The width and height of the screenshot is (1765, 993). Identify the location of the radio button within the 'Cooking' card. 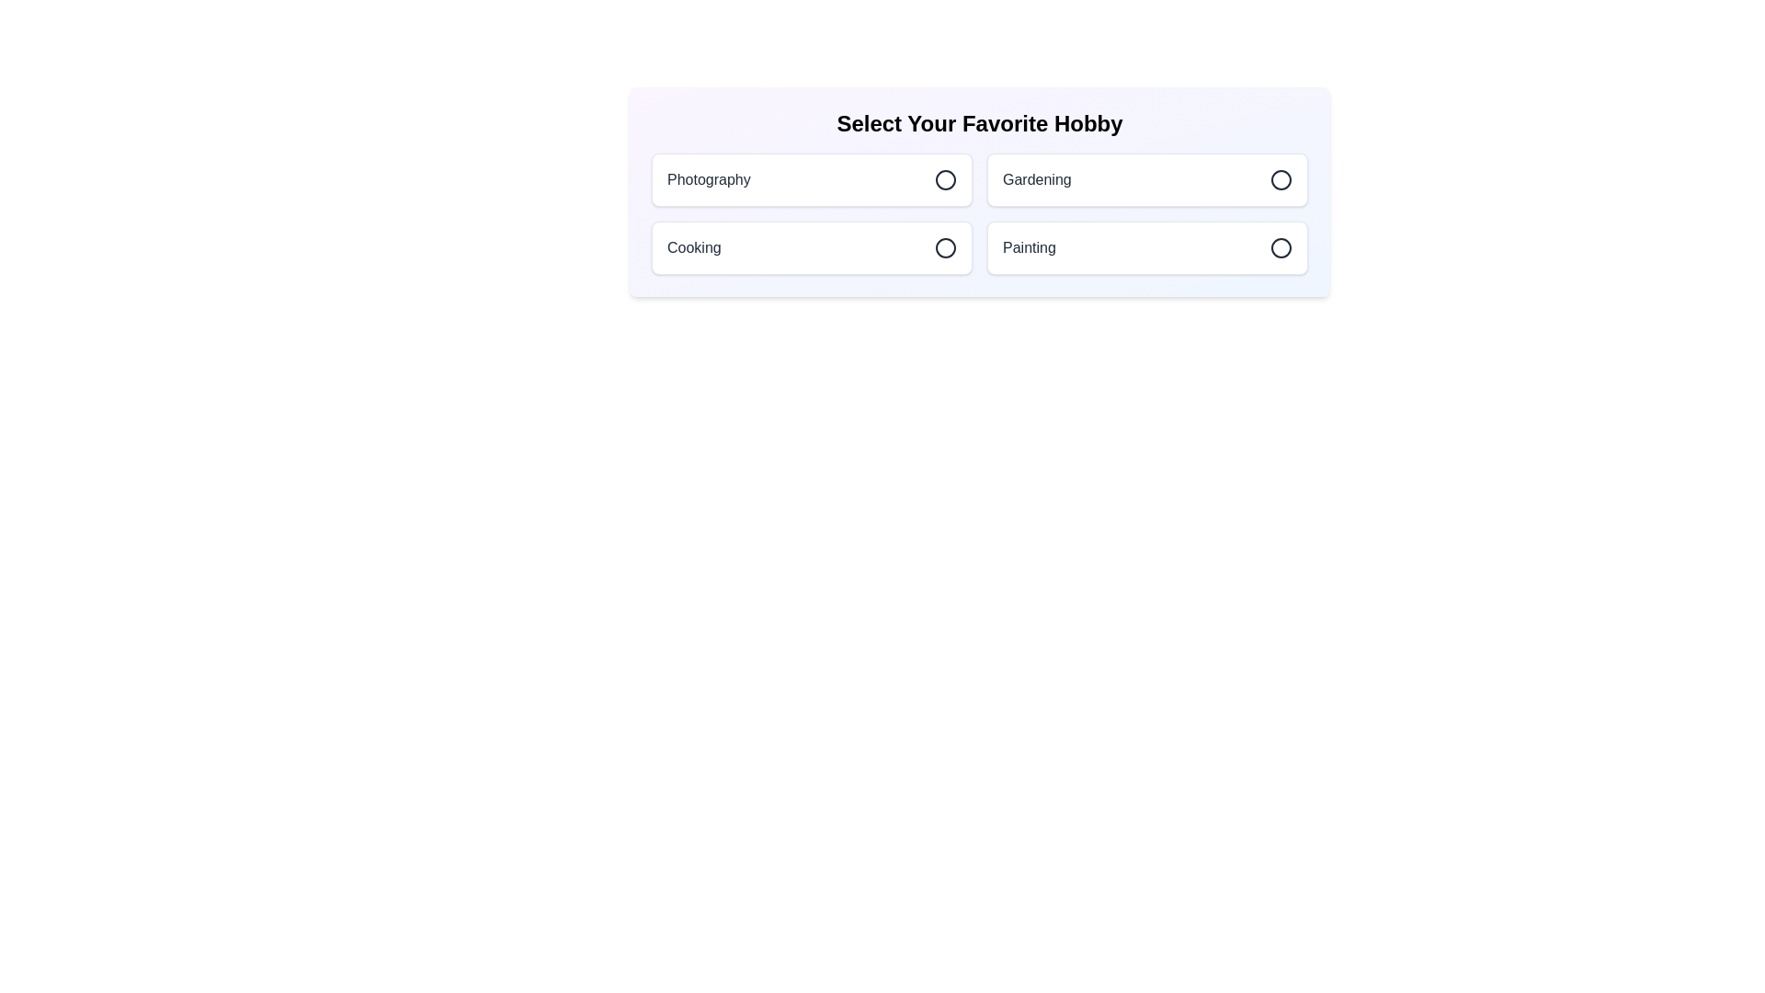
(945, 248).